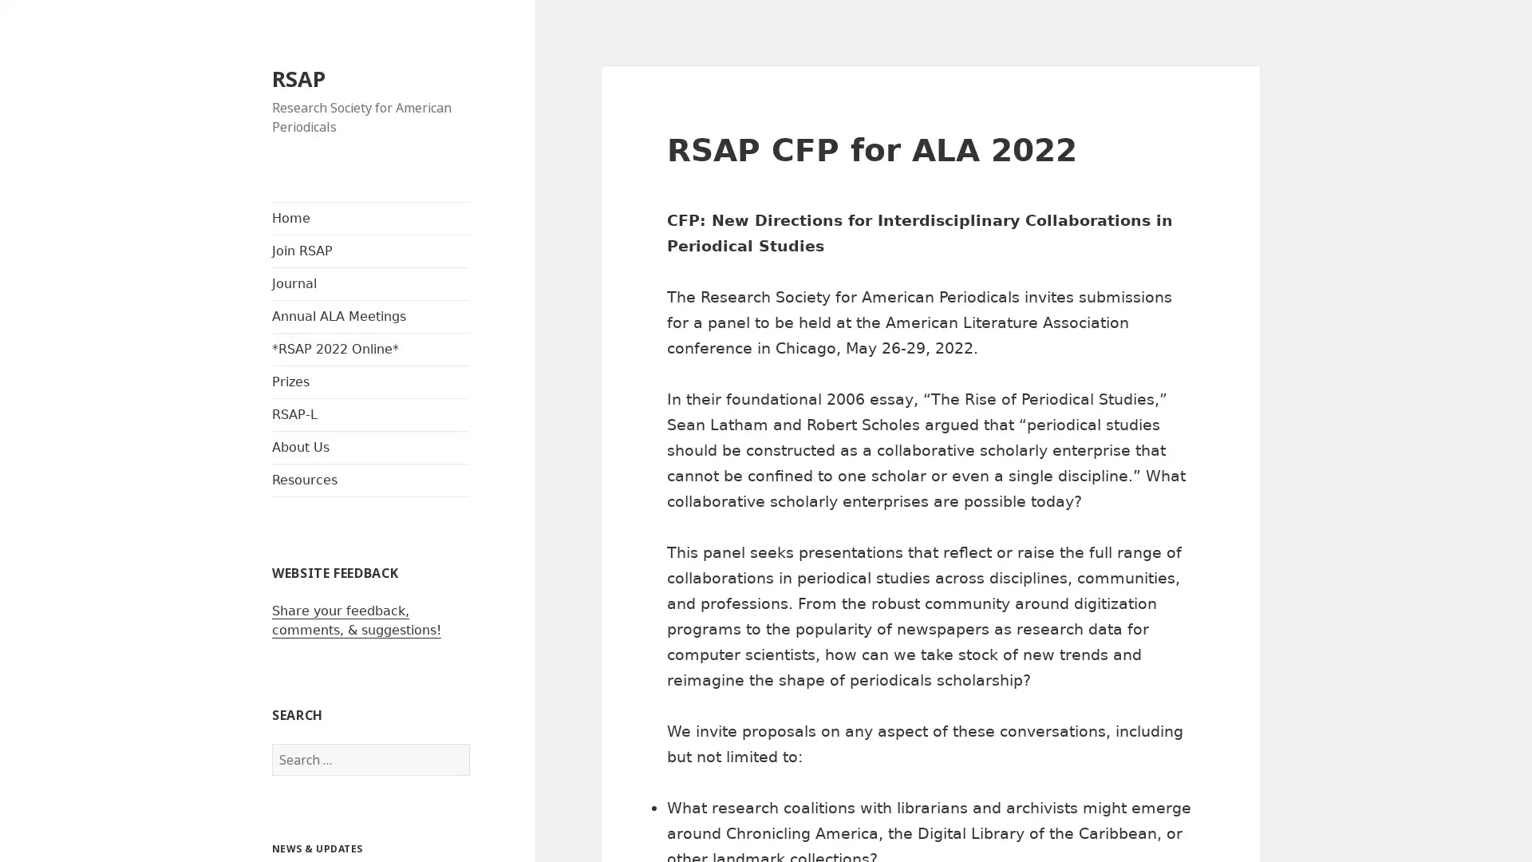 This screenshot has width=1532, height=862. Describe the element at coordinates (468, 744) in the screenshot. I see `Search` at that location.